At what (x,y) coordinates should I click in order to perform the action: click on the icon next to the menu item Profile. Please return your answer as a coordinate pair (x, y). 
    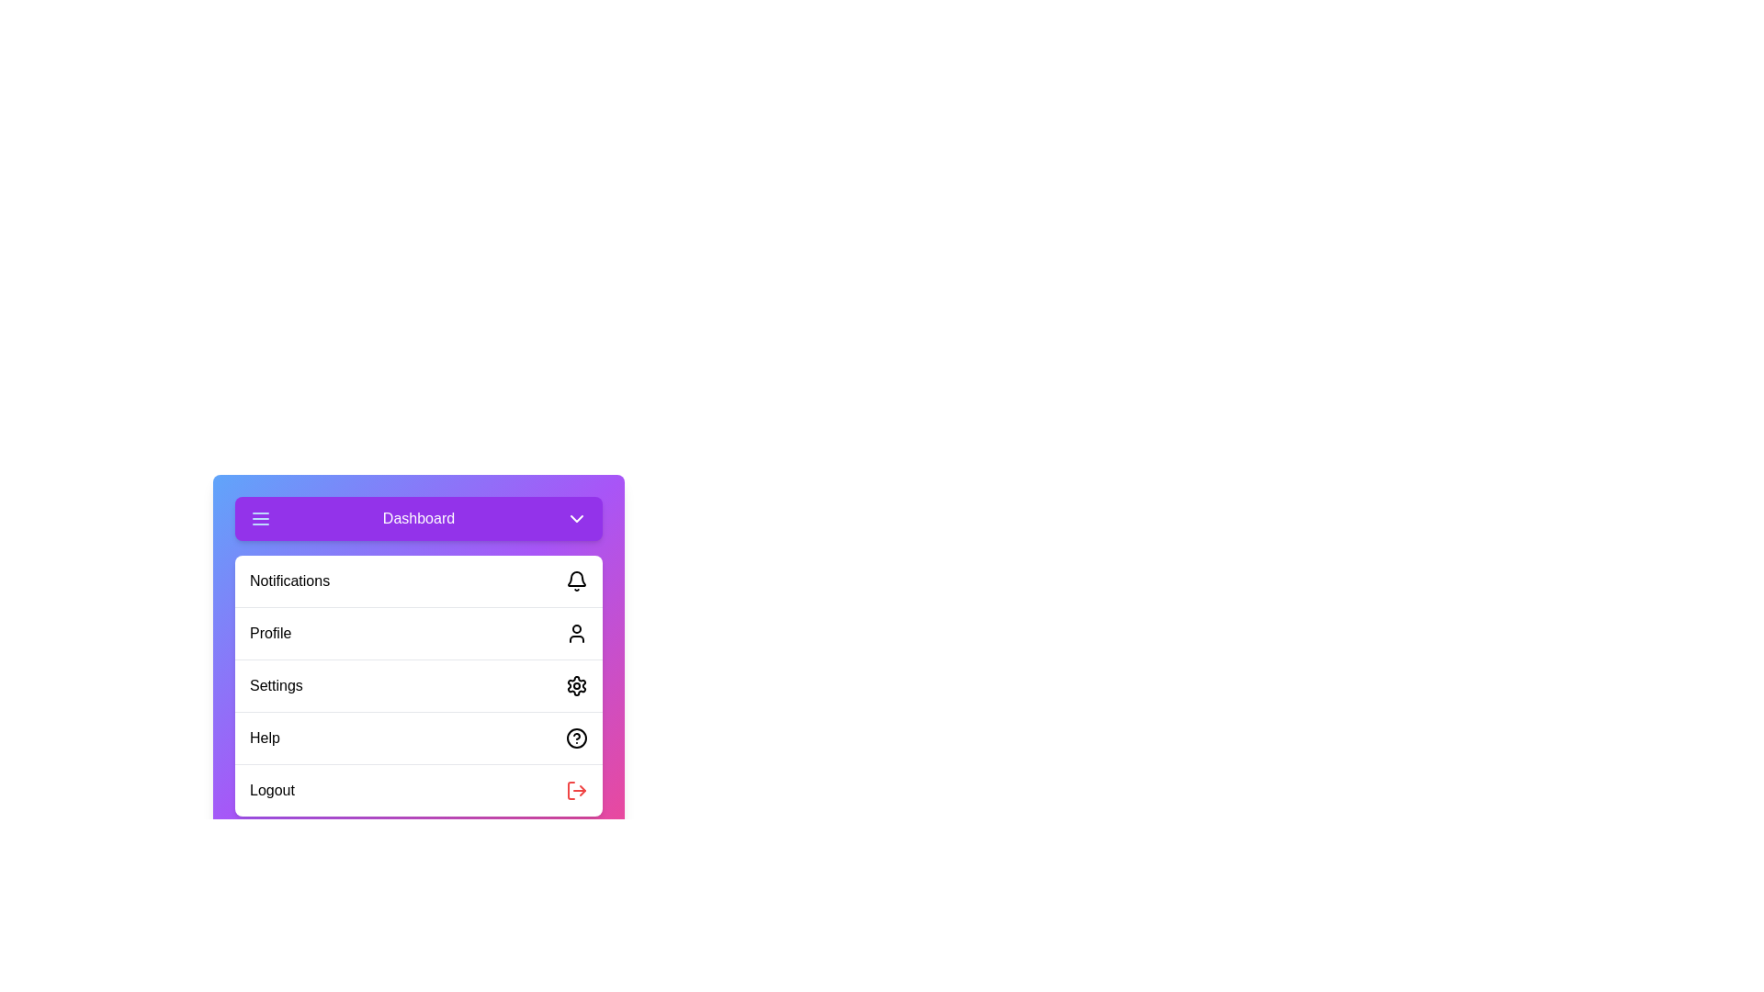
    Looking at the image, I should click on (576, 633).